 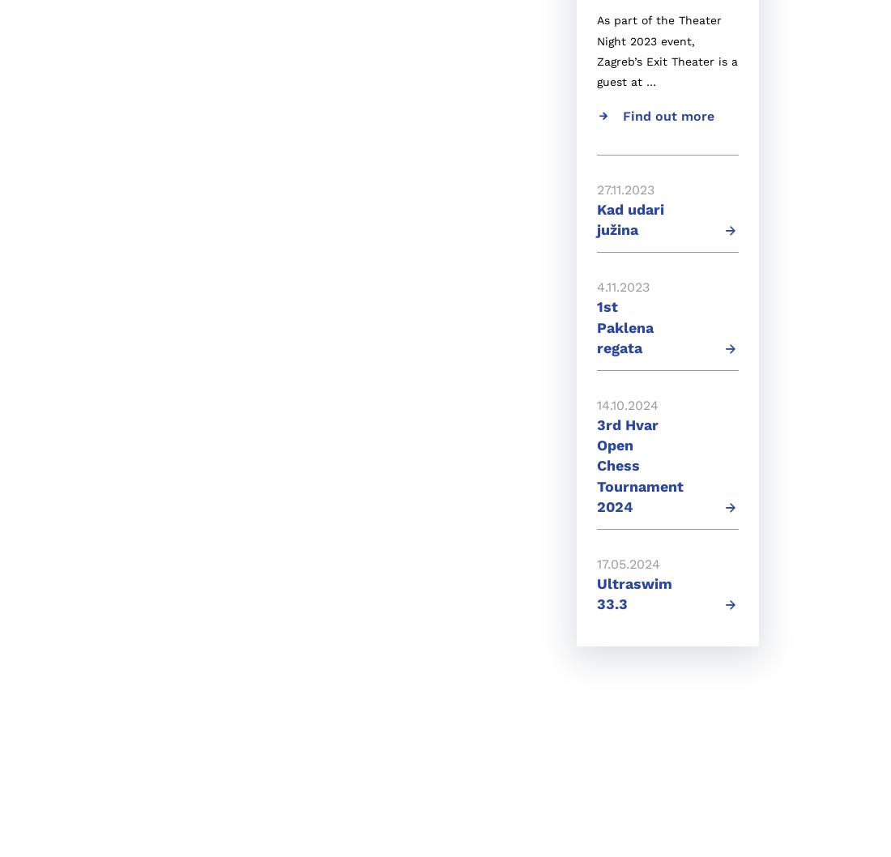 I want to click on 'Find out more', so click(x=668, y=115).